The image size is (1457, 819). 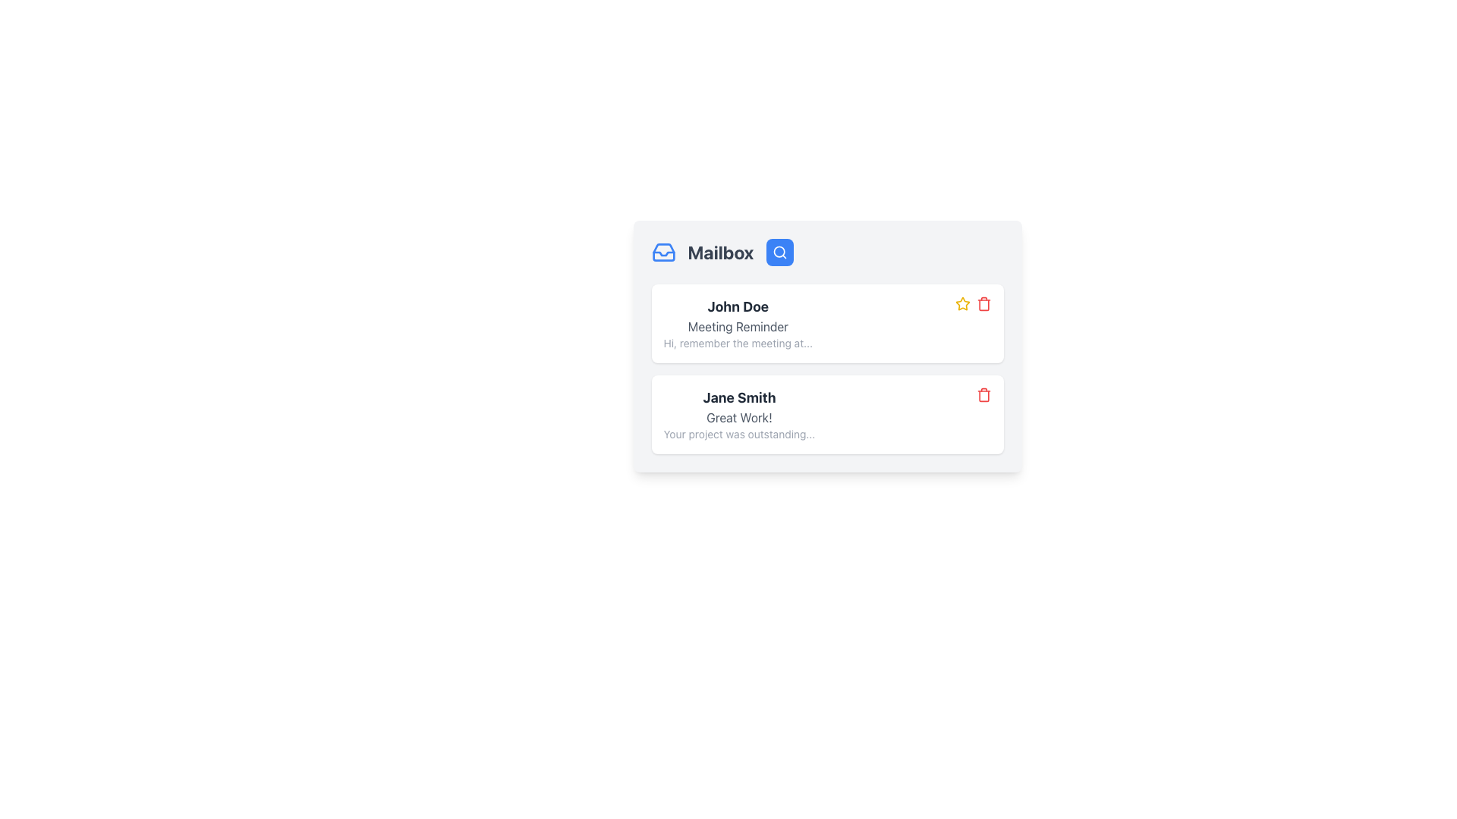 I want to click on the light gray text label positioned below 'Meeting Reminder' and under 'John Doe' in the messaging layout, so click(x=738, y=343).